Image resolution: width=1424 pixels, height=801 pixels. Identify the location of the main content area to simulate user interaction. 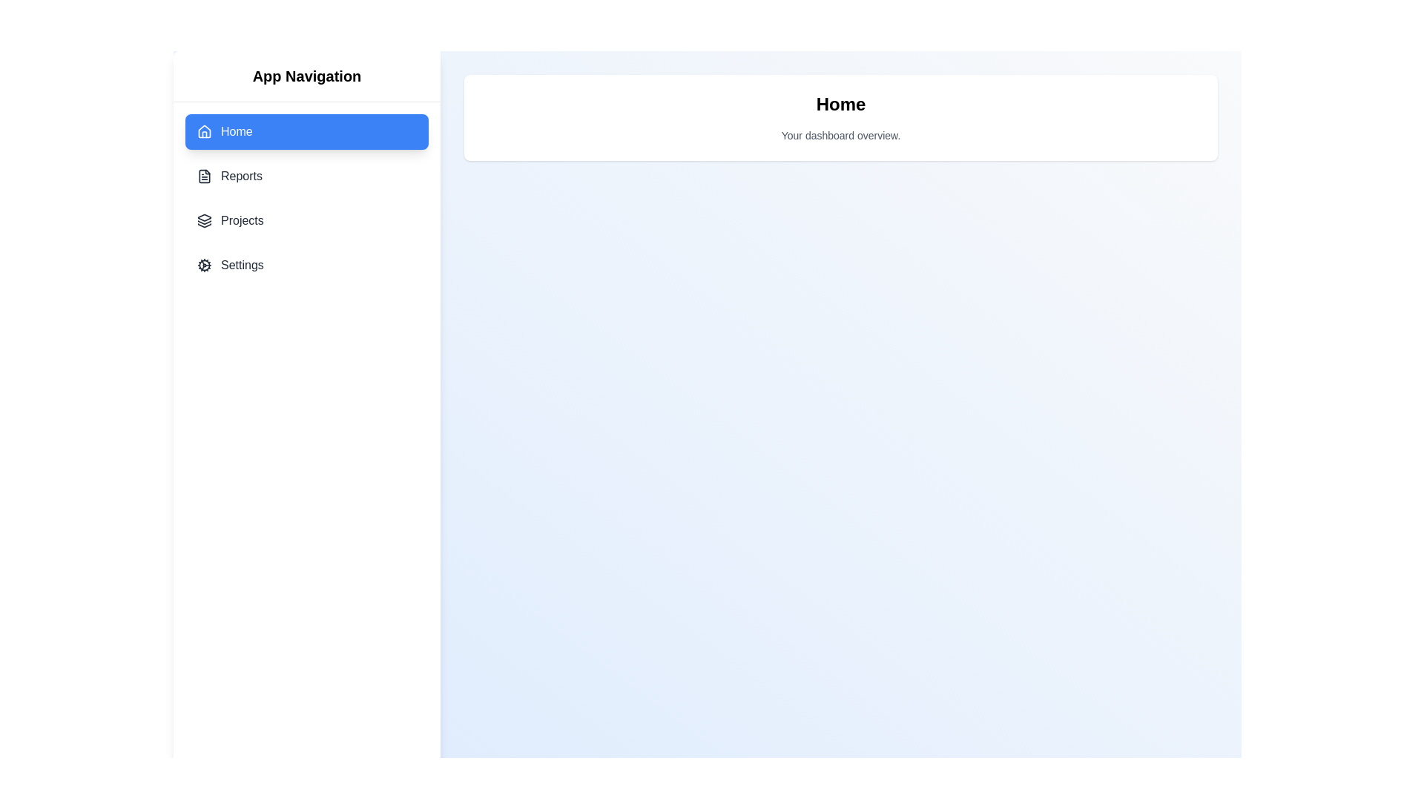
(840, 451).